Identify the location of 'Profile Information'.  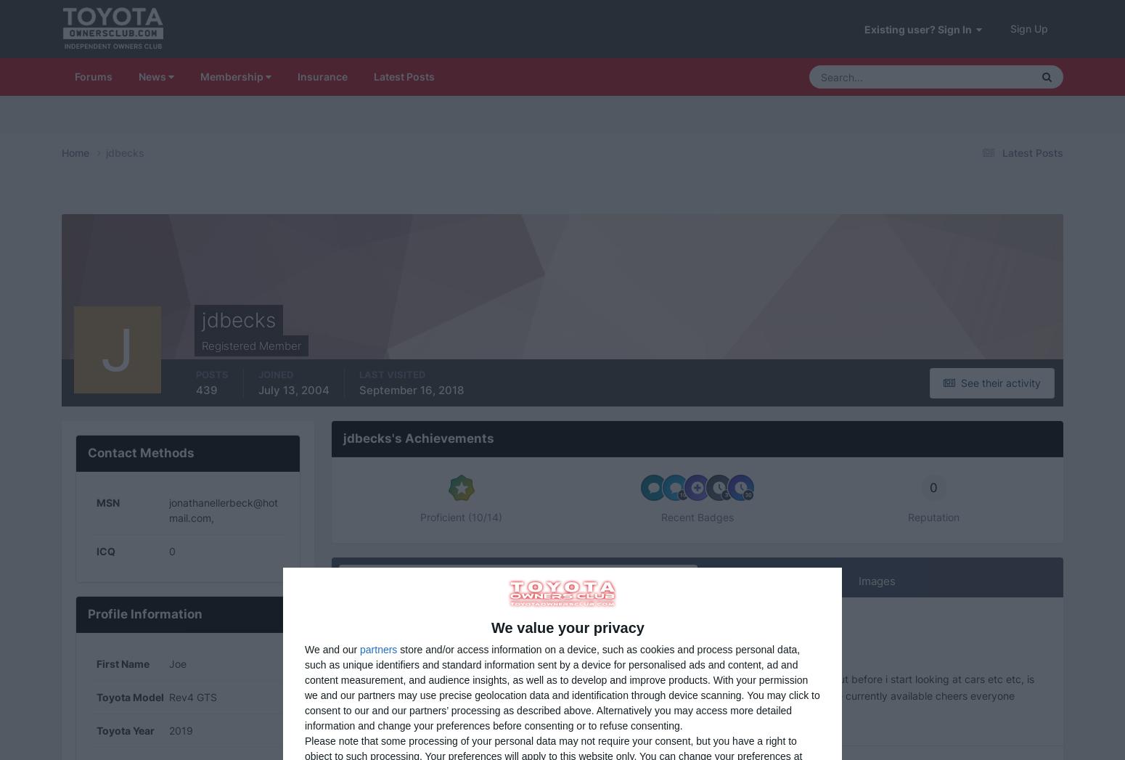
(86, 613).